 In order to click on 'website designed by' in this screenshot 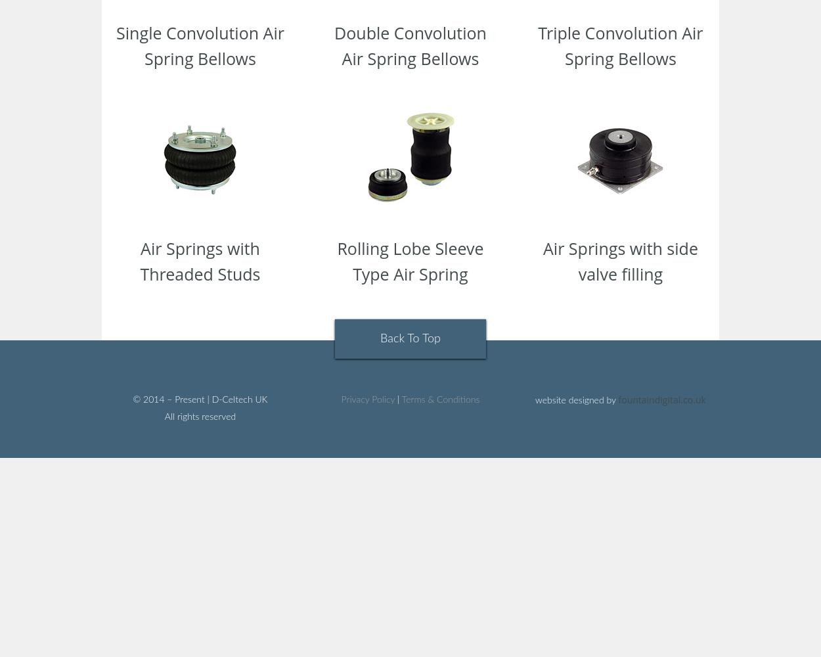, I will do `click(577, 400)`.